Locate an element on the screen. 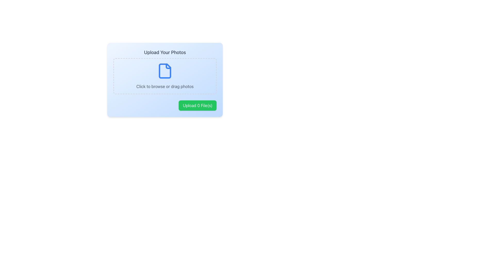 This screenshot has width=495, height=278. the File Upload Area, which is a rectangular area with a dashed border, rounded corners, and contains a blue document icon and the text 'Click to browse or drag photos' in gray is located at coordinates (164, 76).